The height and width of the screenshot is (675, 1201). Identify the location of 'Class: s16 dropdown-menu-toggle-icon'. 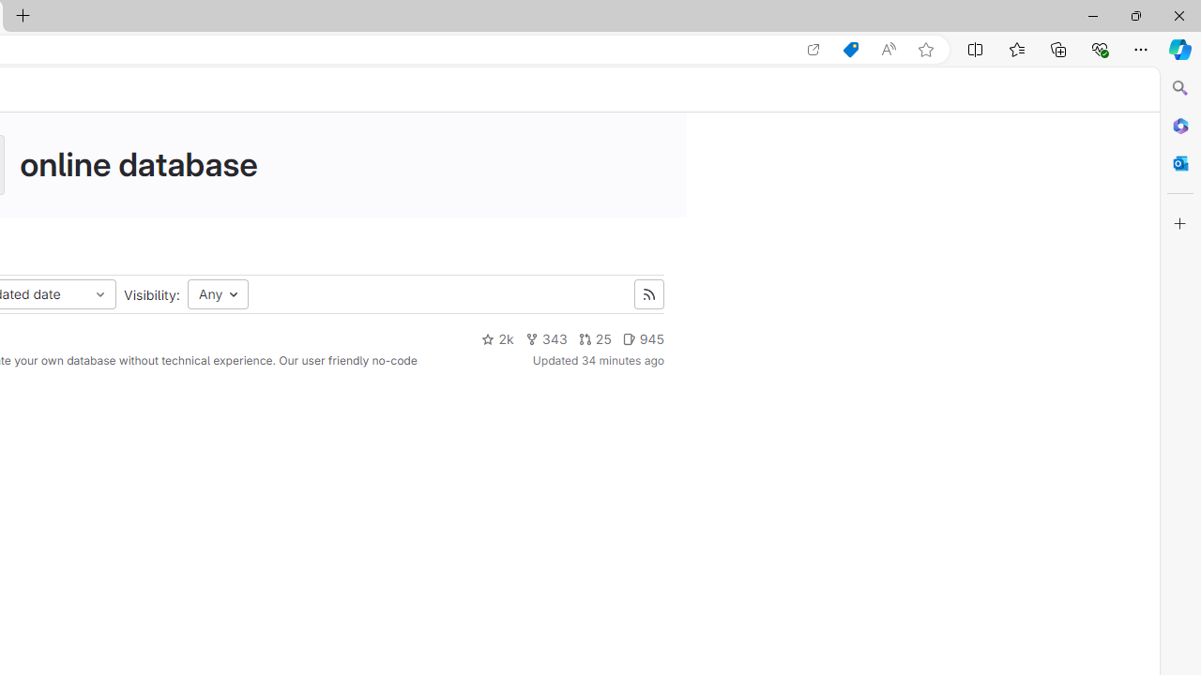
(99, 294).